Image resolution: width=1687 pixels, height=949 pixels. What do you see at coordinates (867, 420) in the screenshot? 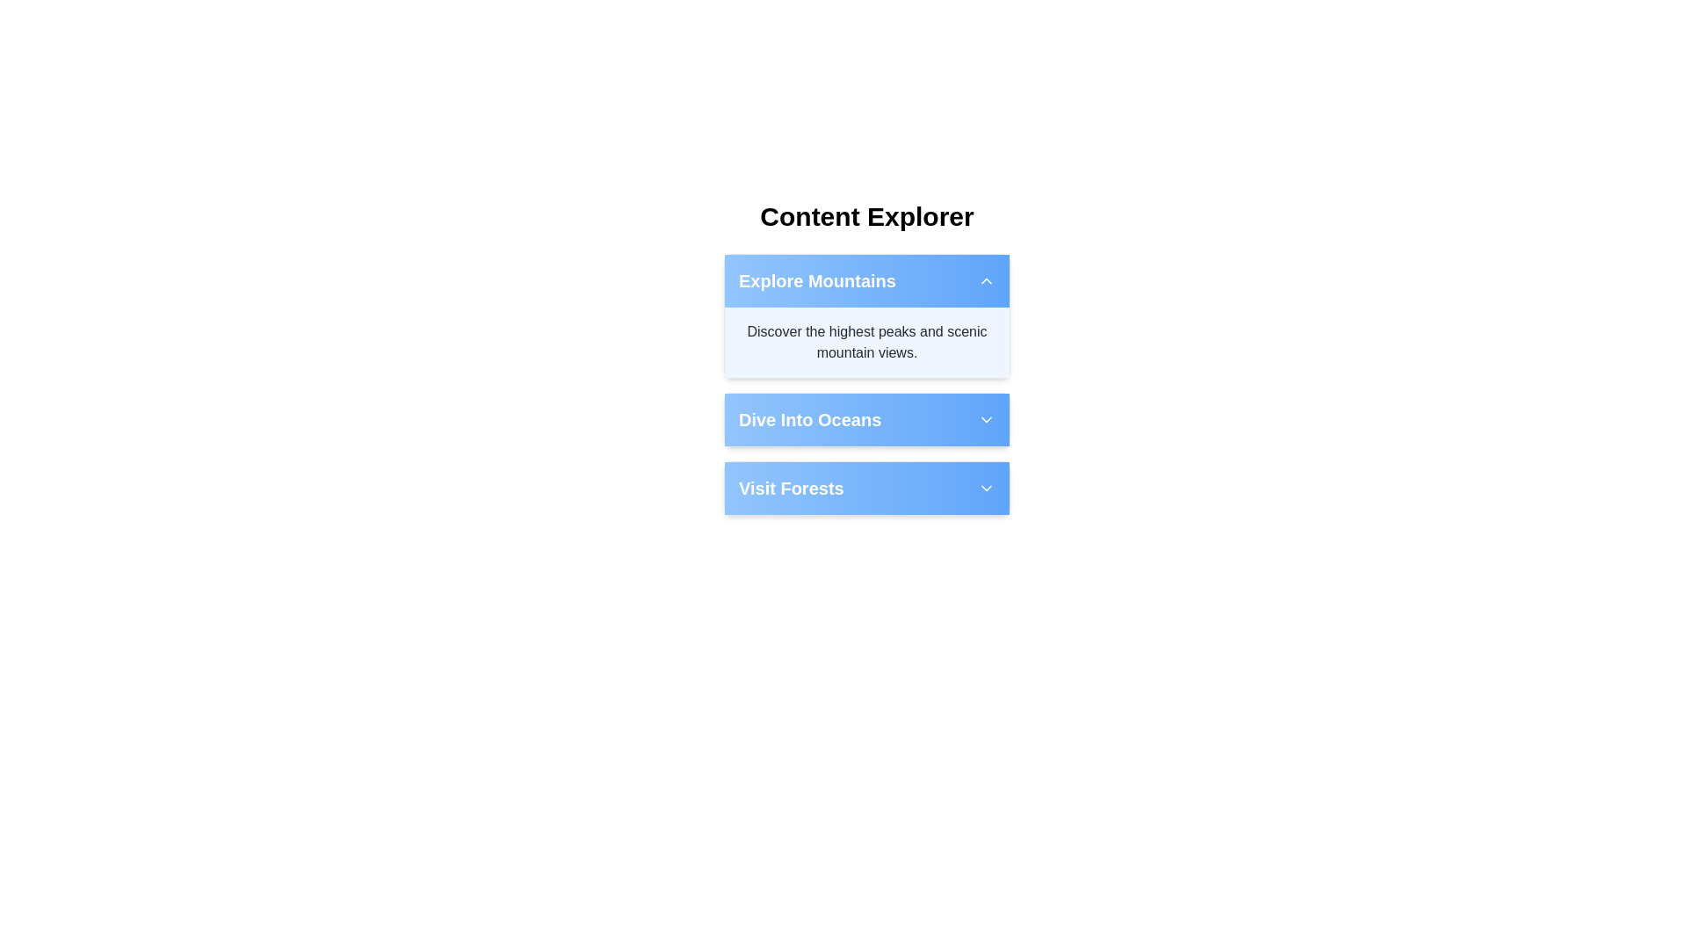
I see `the button that toggles or expands the content section related to the oceans, located in the 'Content Explorer' section between the 'Explore Mountains' and 'Visit Forests' buttons` at bounding box center [867, 420].